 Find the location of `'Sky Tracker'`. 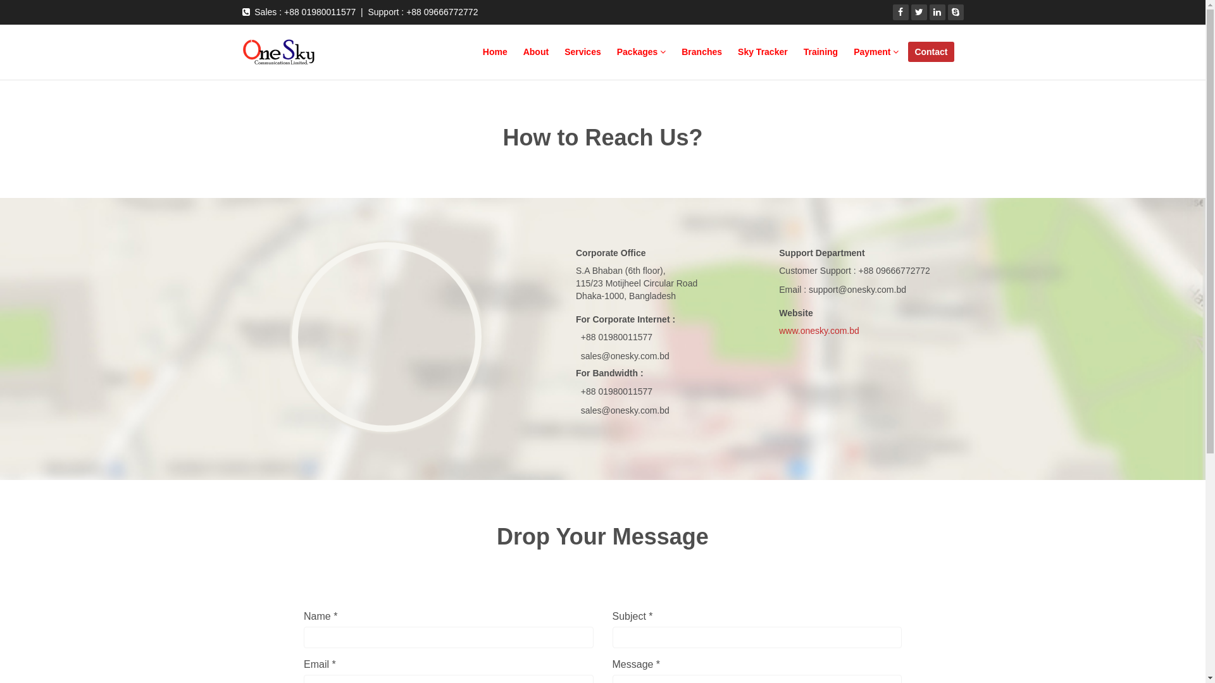

'Sky Tracker' is located at coordinates (762, 51).